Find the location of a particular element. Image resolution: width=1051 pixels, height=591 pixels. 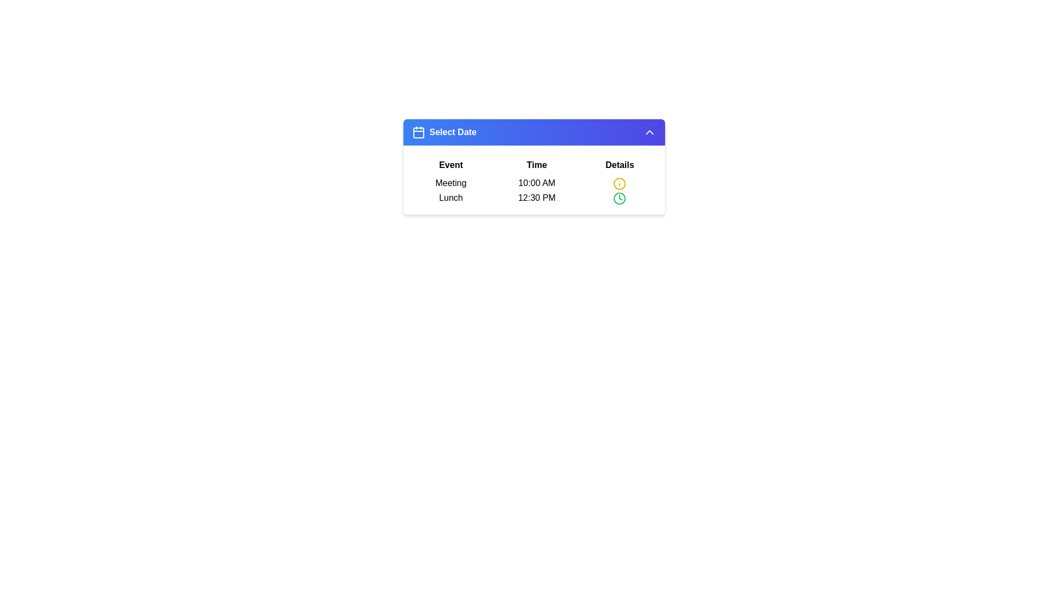

text content of the Table Header Row located centrally beneath the 'Select Date' section, which defines the layout of the table with column headings for events, times, and additional details is located at coordinates (534, 165).